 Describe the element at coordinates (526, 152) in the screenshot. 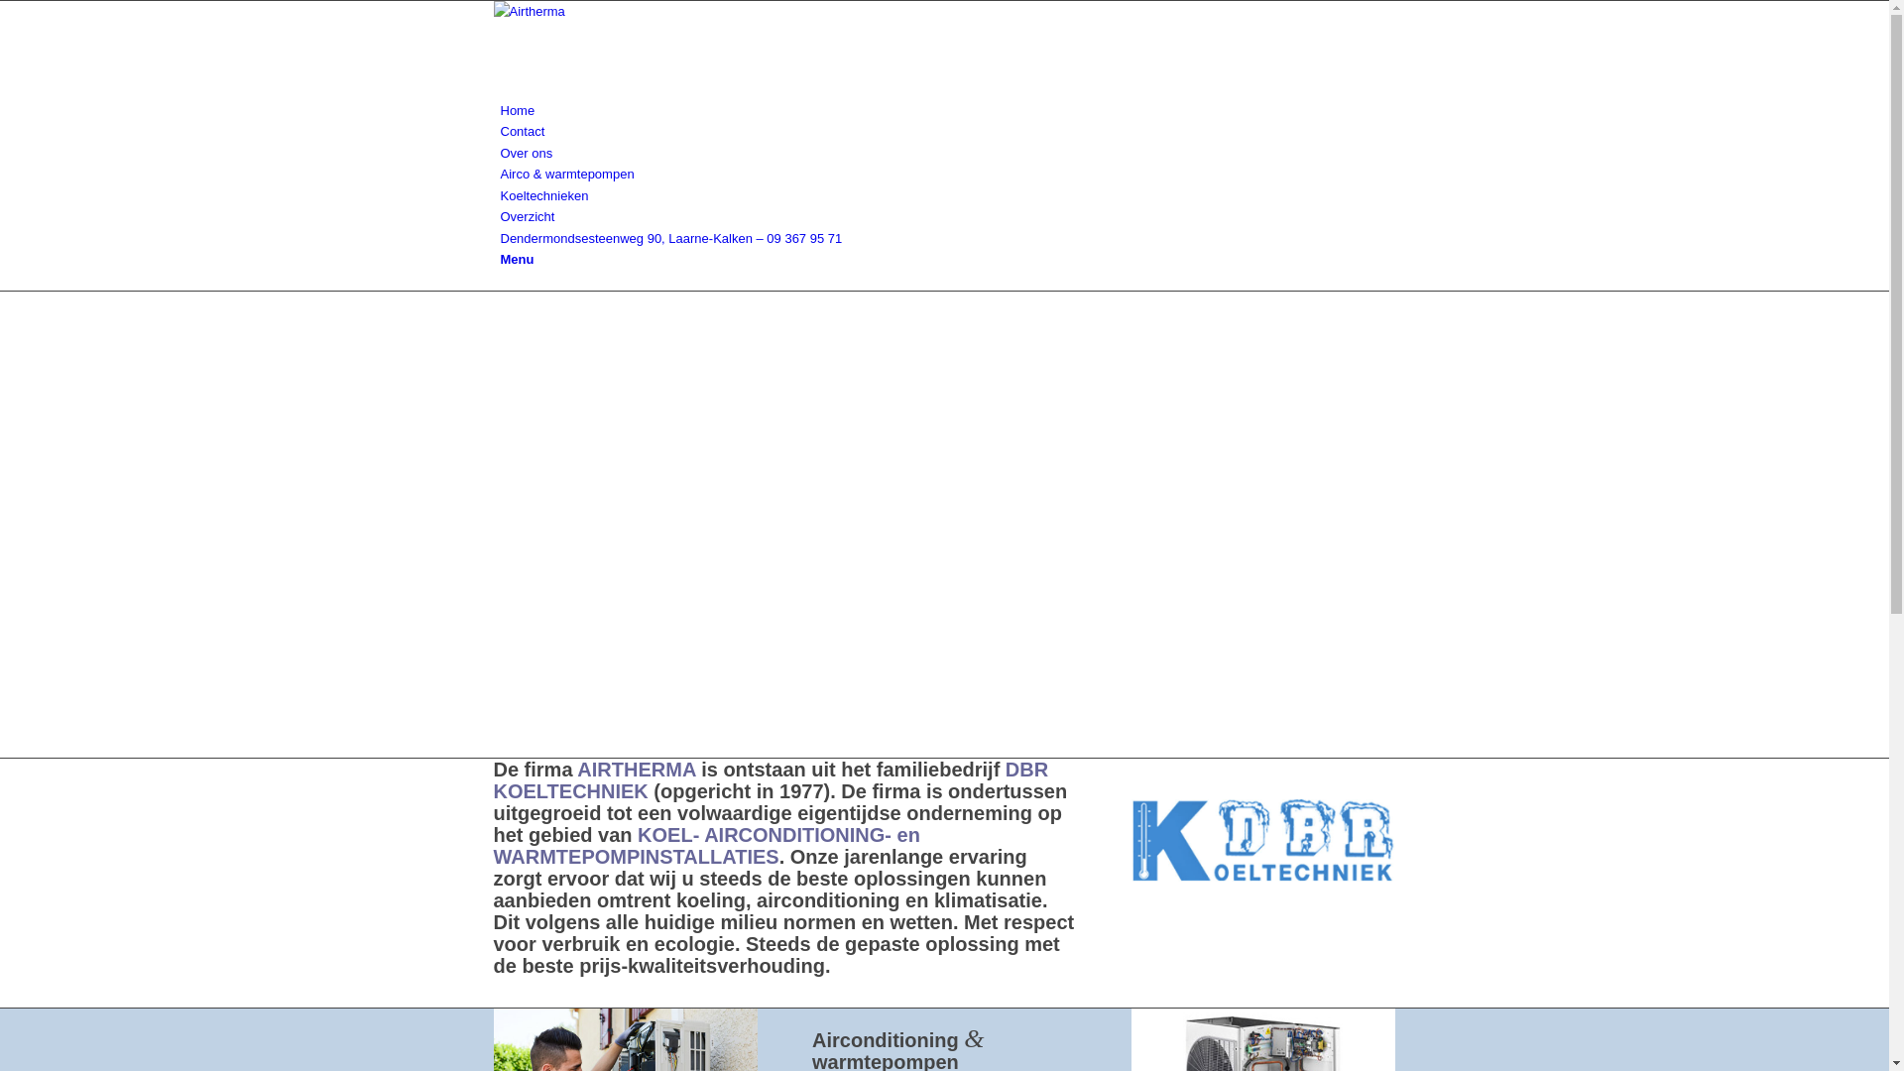

I see `'Over ons'` at that location.